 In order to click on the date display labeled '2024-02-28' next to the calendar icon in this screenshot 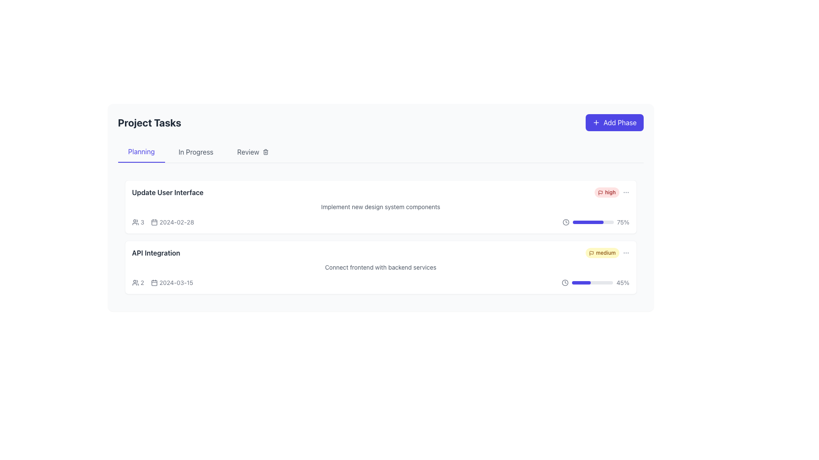, I will do `click(172, 221)`.